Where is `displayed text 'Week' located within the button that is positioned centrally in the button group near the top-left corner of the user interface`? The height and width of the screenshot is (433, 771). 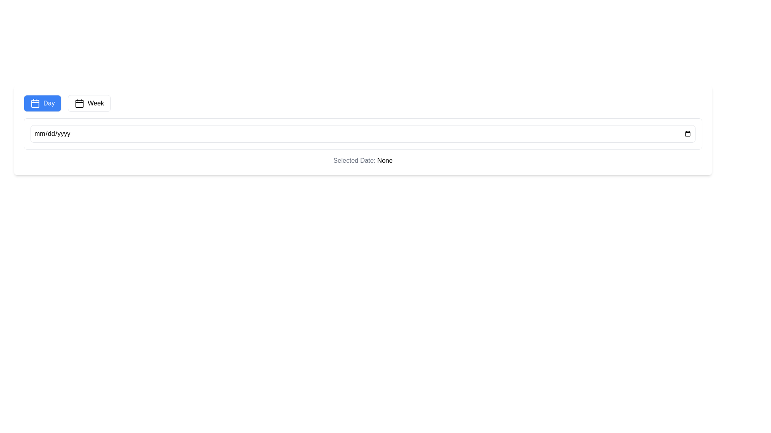
displayed text 'Week' located within the button that is positioned centrally in the button group near the top-left corner of the user interface is located at coordinates (96, 103).